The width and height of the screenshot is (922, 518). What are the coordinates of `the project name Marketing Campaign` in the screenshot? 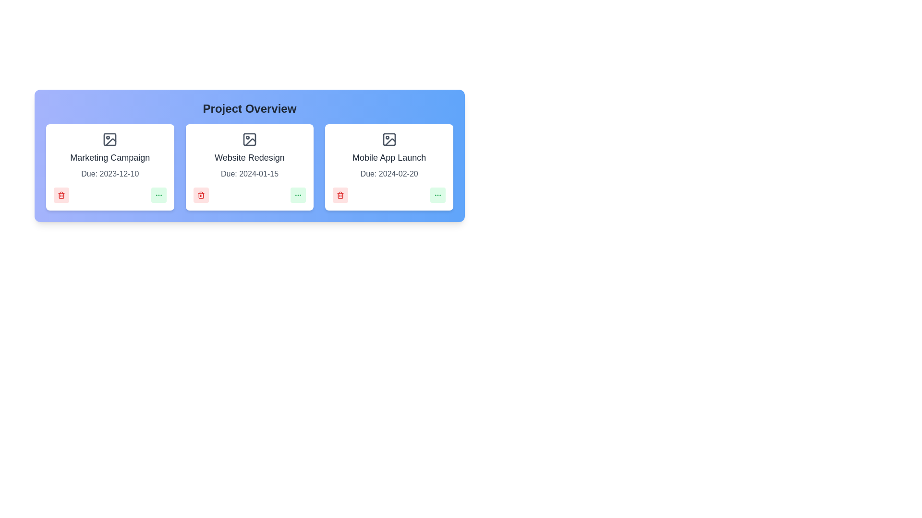 It's located at (110, 157).